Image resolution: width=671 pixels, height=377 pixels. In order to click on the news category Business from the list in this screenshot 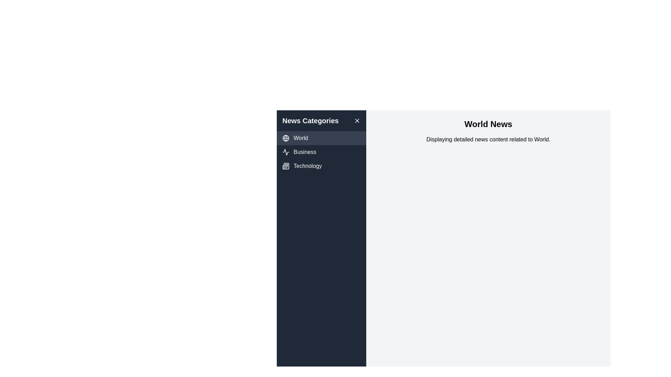, I will do `click(321, 151)`.